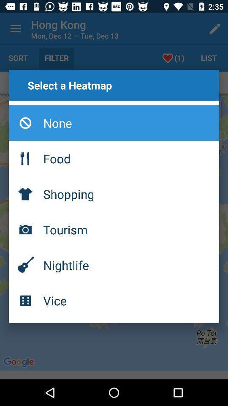  What do you see at coordinates (114, 264) in the screenshot?
I see `nightlife icon` at bounding box center [114, 264].